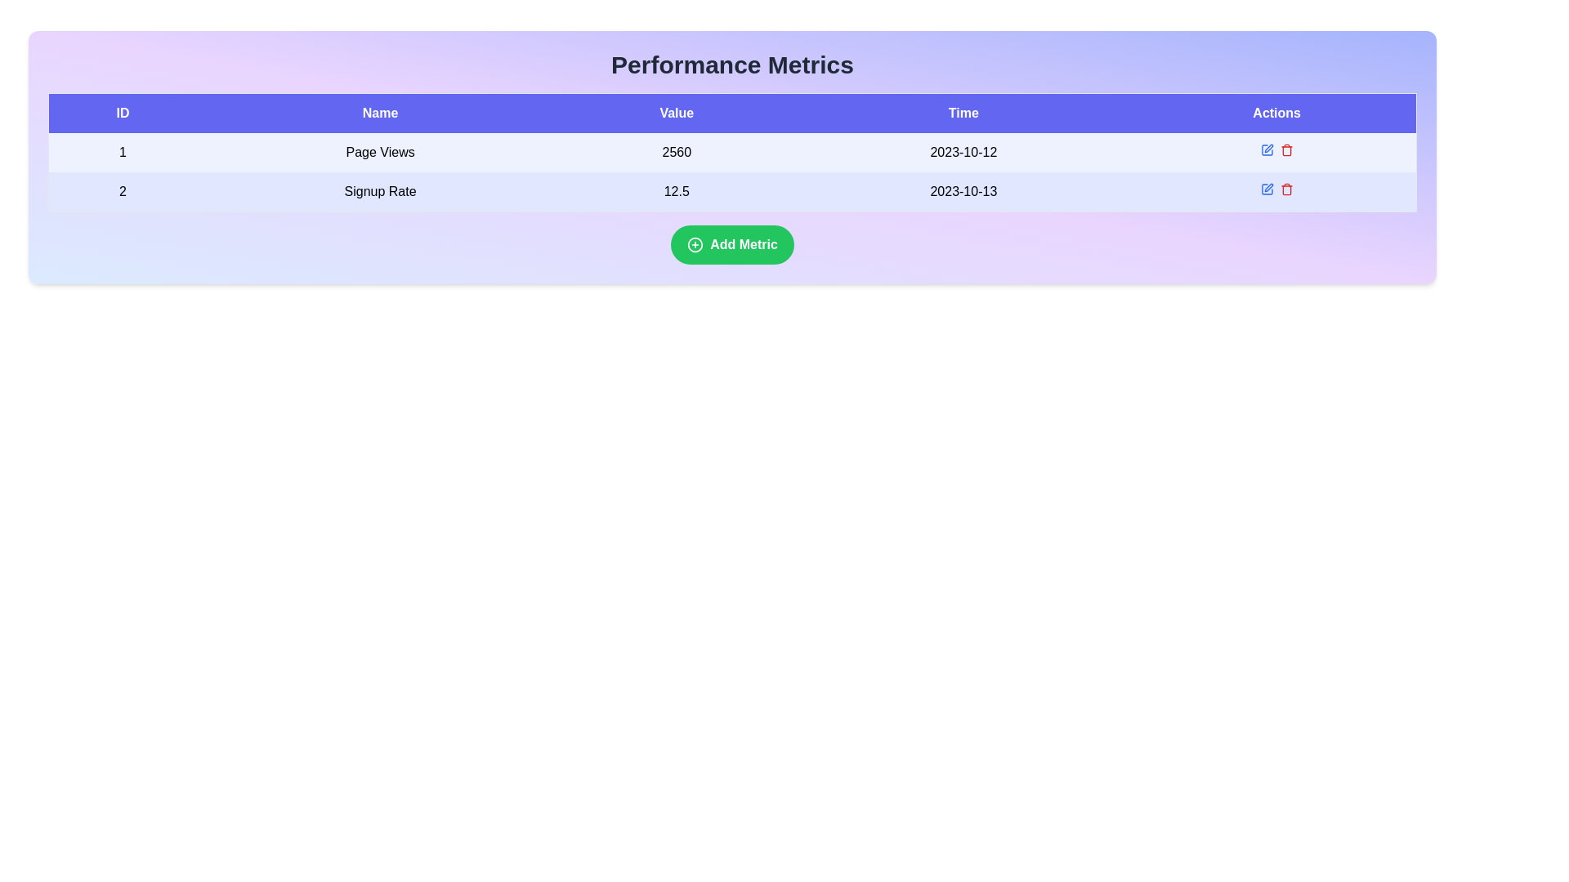 This screenshot has height=882, width=1569. What do you see at coordinates (1266, 150) in the screenshot?
I see `the square outline icon with a diagonal pen over it in the 'Performance Metrics' table to initiate the editing action` at bounding box center [1266, 150].